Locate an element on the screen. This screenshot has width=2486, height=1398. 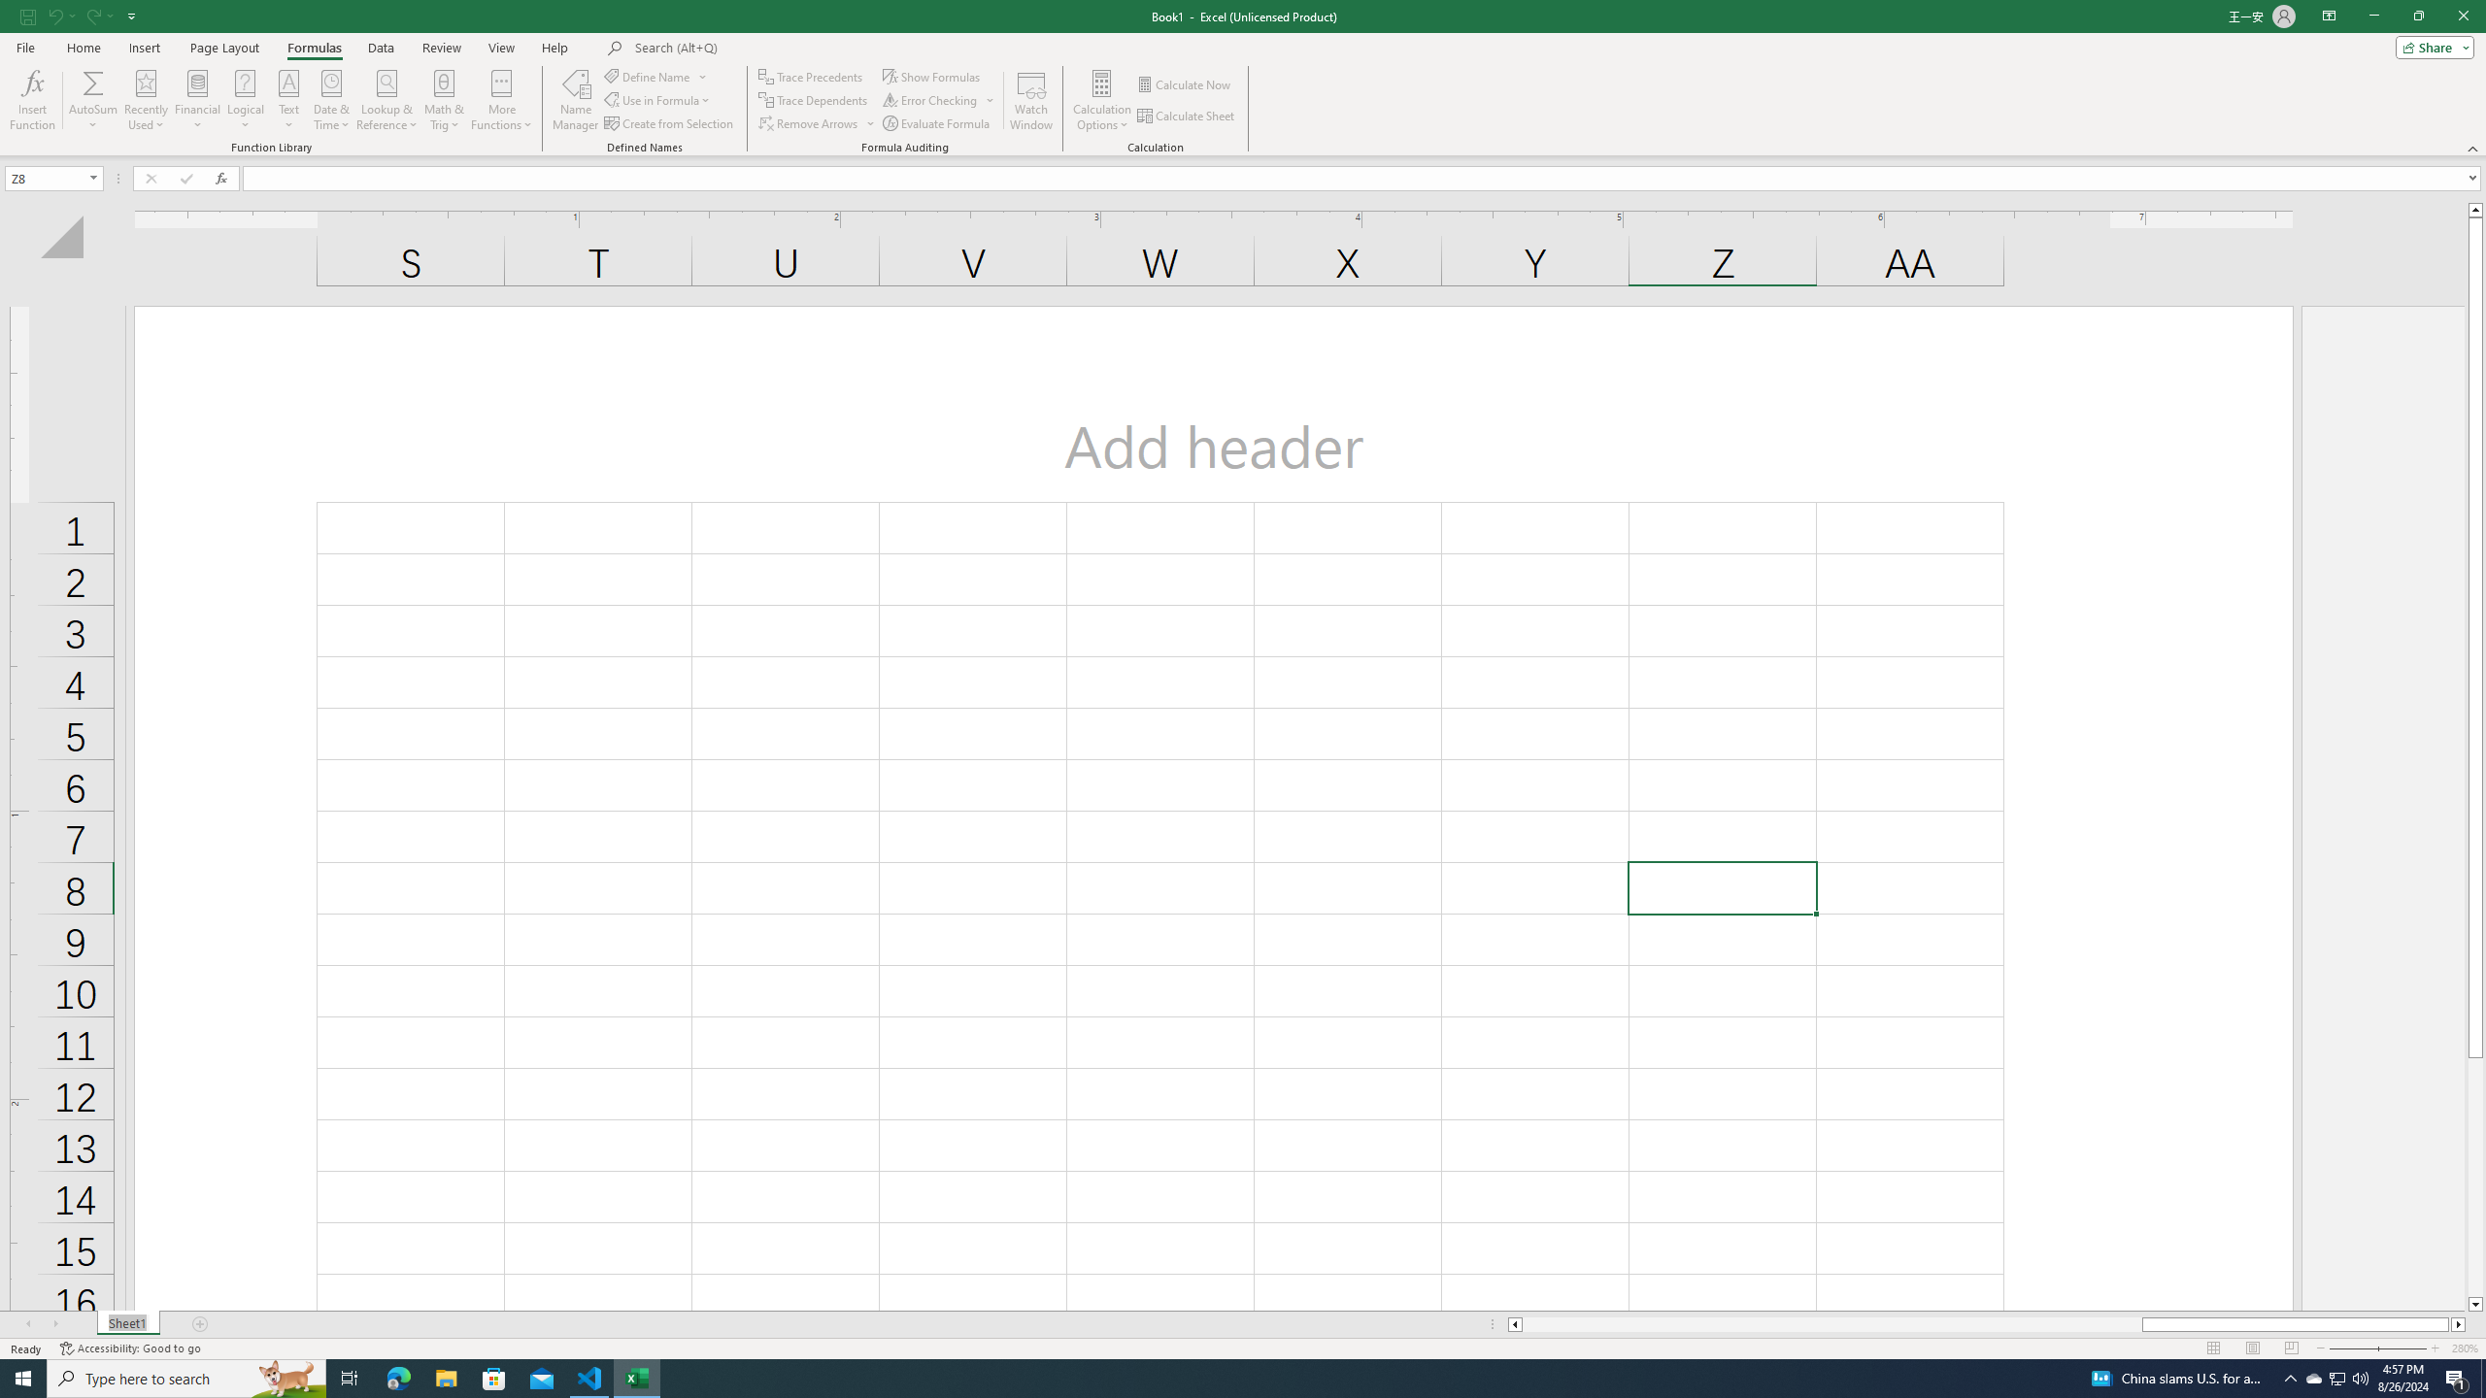
'Sum' is located at coordinates (92, 82).